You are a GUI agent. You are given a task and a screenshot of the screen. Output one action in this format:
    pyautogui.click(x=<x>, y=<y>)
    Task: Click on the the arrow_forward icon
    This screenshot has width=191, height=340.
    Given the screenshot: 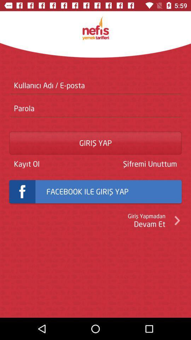 What is the action you would take?
    pyautogui.click(x=176, y=220)
    